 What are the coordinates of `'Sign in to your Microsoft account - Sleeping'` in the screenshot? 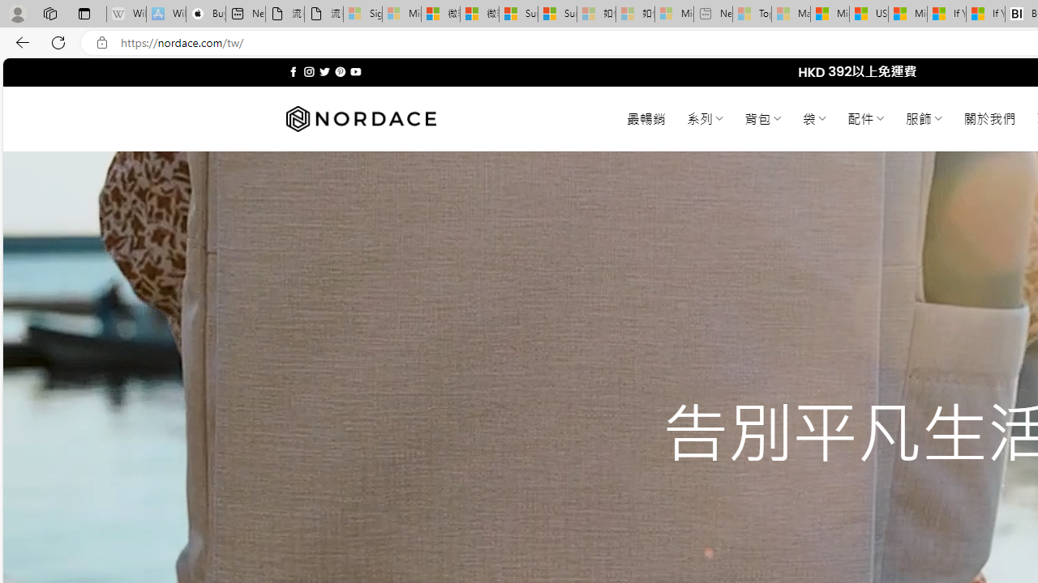 It's located at (362, 14).